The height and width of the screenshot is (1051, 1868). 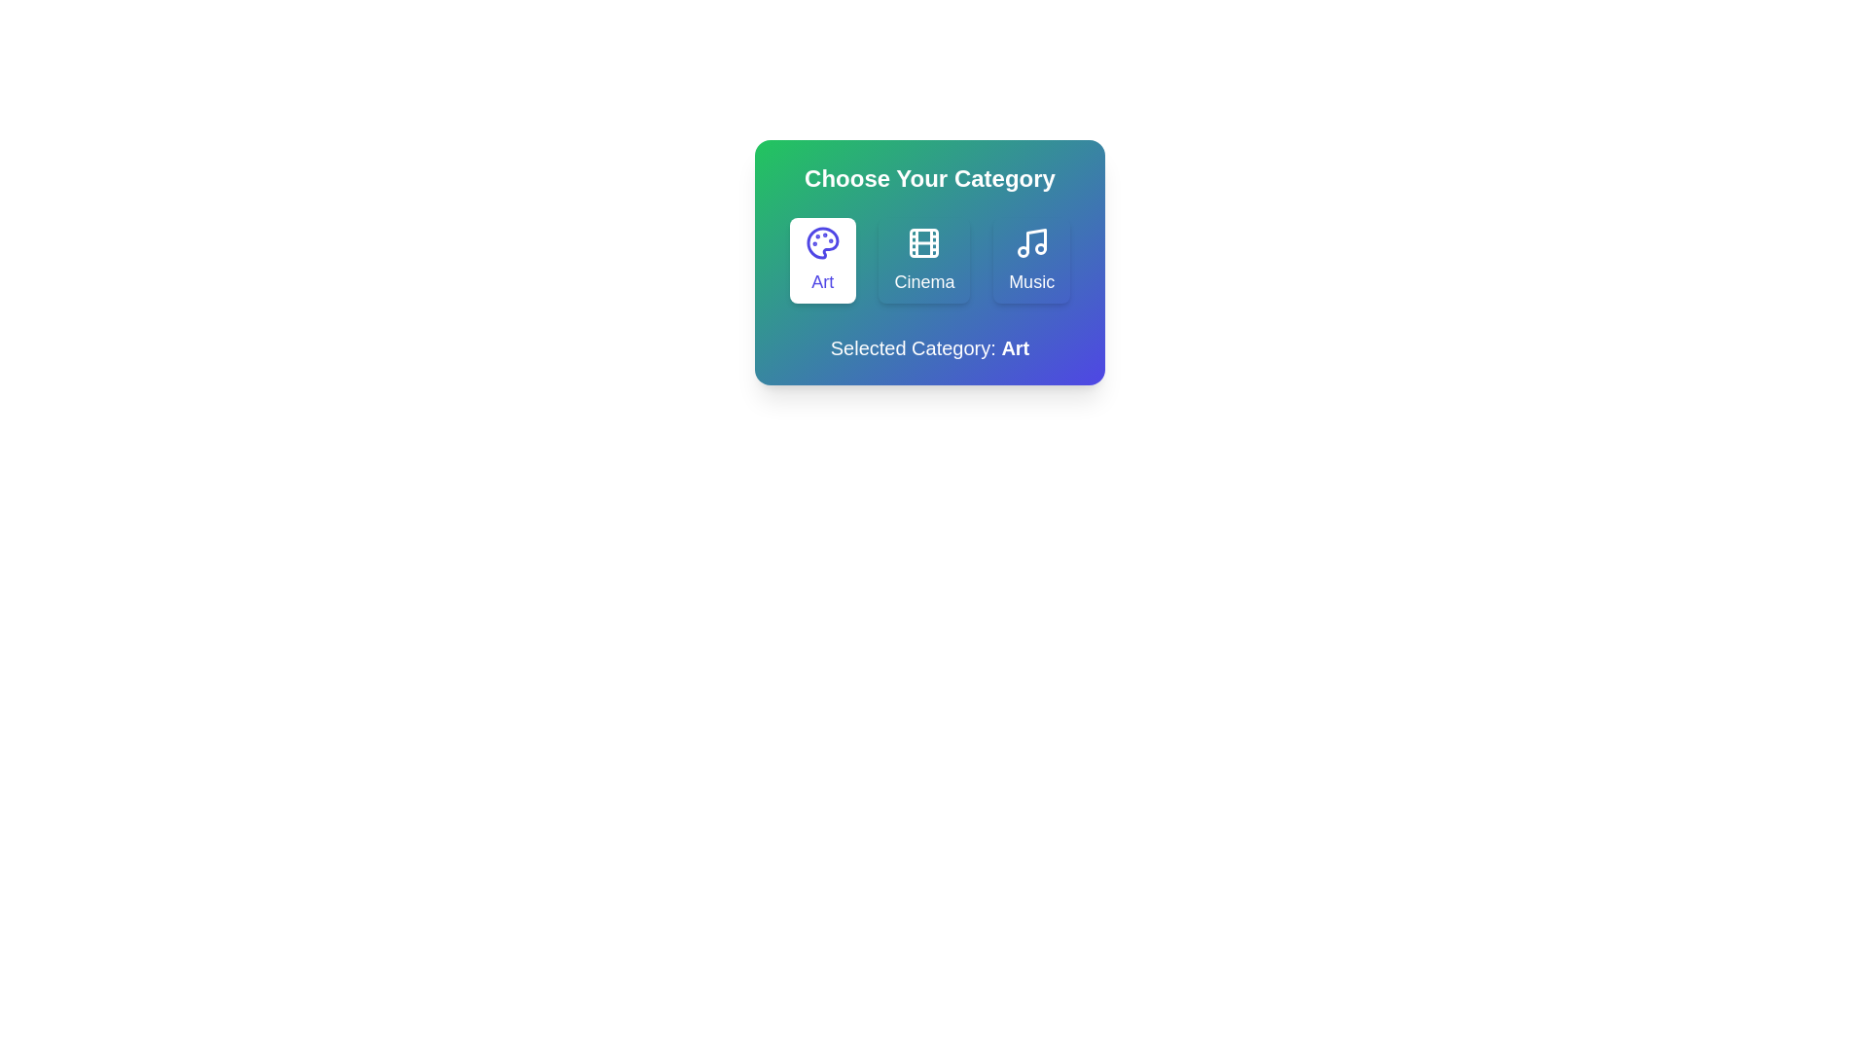 What do you see at coordinates (923, 259) in the screenshot?
I see `the 'Cinema' category button to select it` at bounding box center [923, 259].